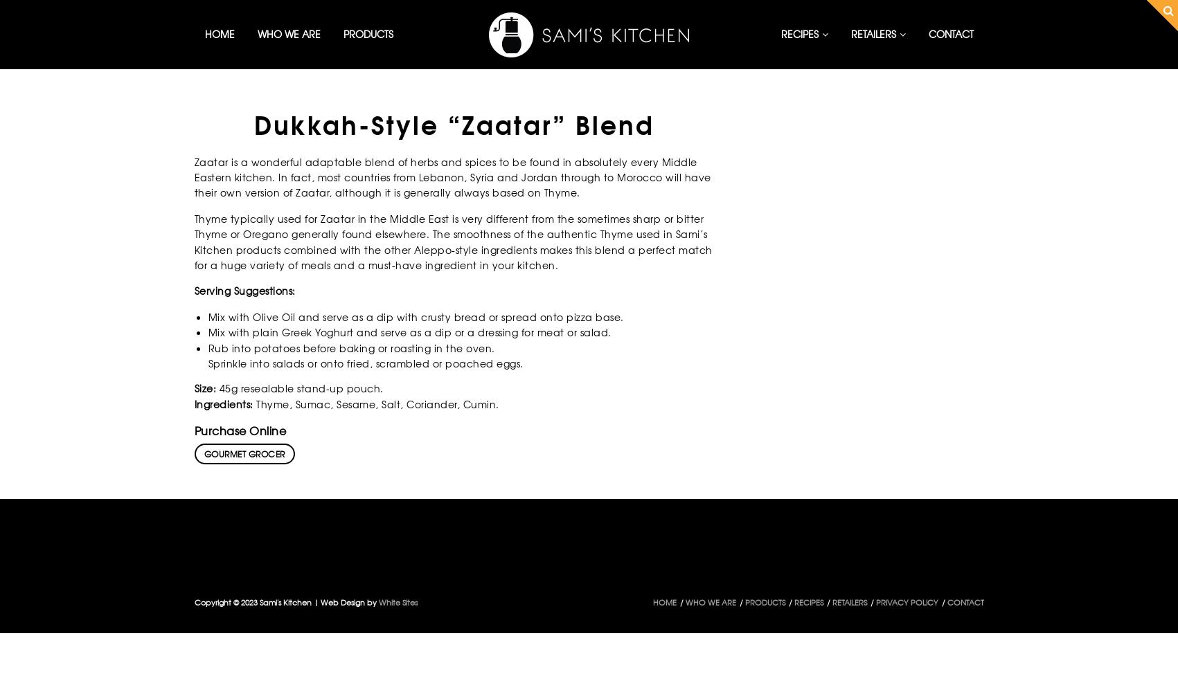 The image size is (1178, 692). Describe the element at coordinates (744, 601) in the screenshot. I see `'PRODUCTS'` at that location.